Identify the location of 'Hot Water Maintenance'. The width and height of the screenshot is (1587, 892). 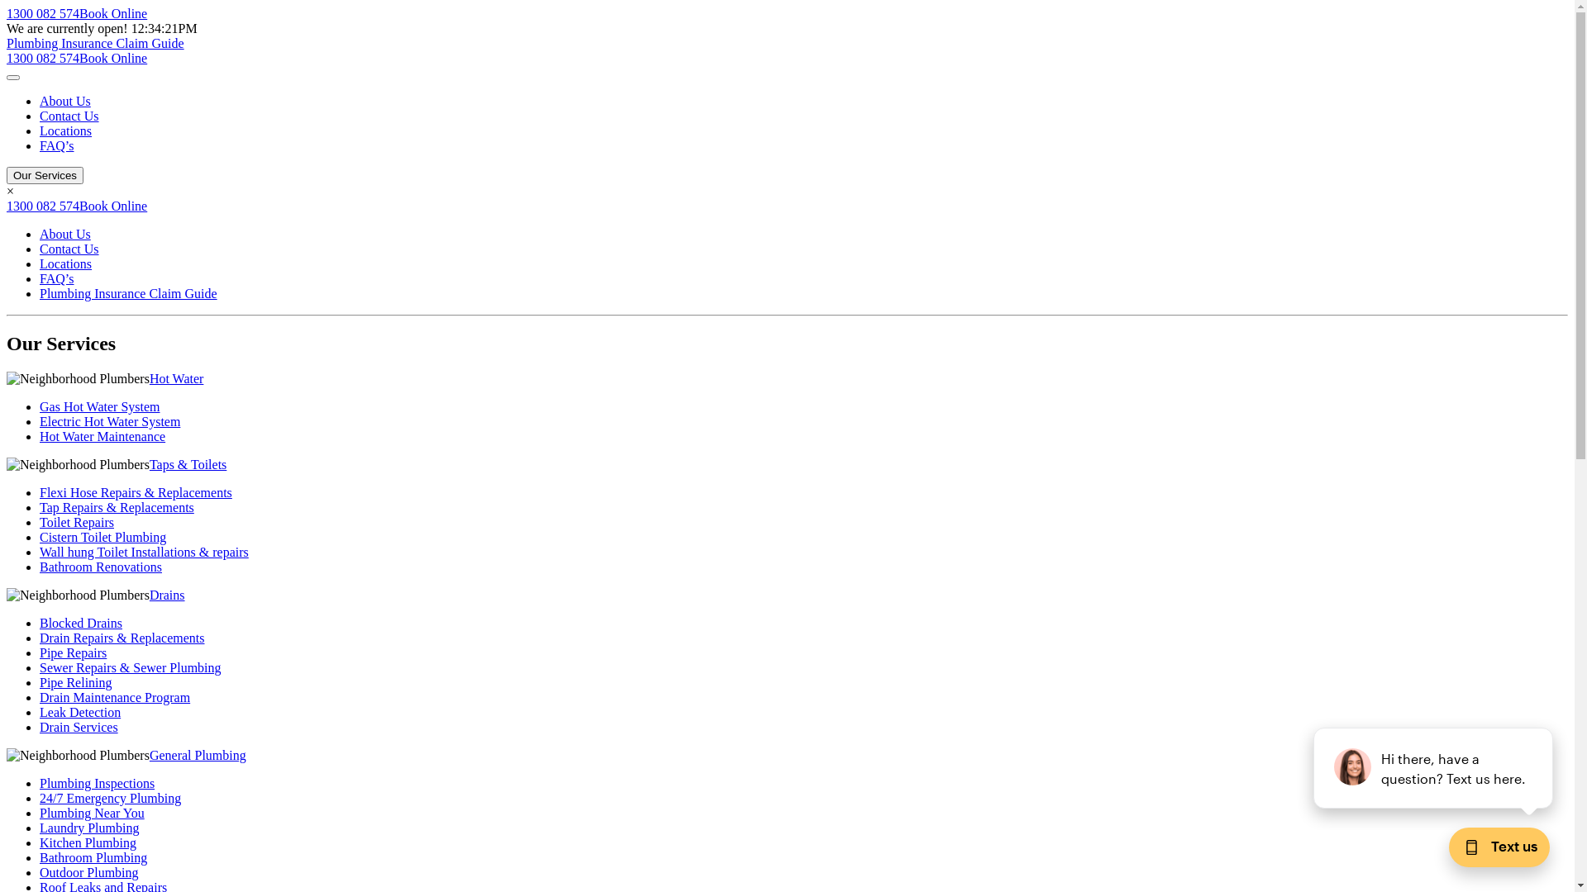
(40, 435).